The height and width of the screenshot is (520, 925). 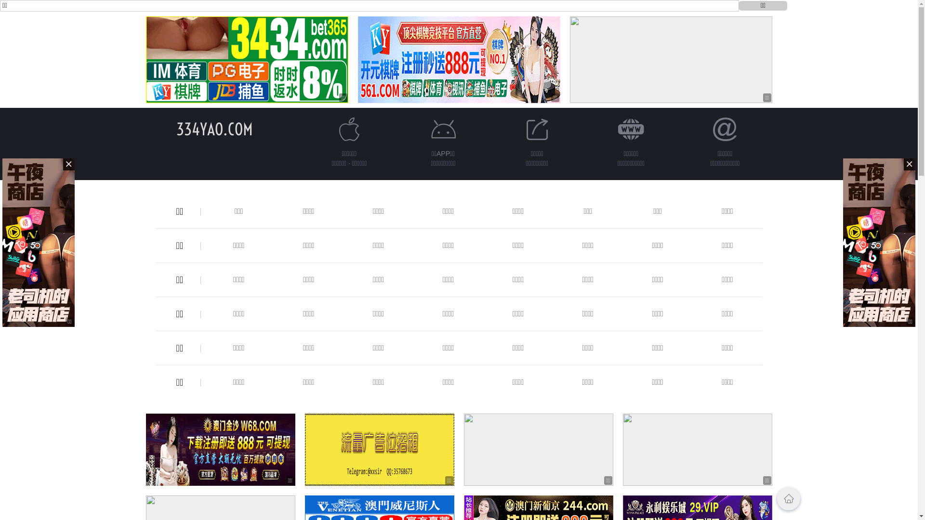 I want to click on '334YAO.COM', so click(x=176, y=129).